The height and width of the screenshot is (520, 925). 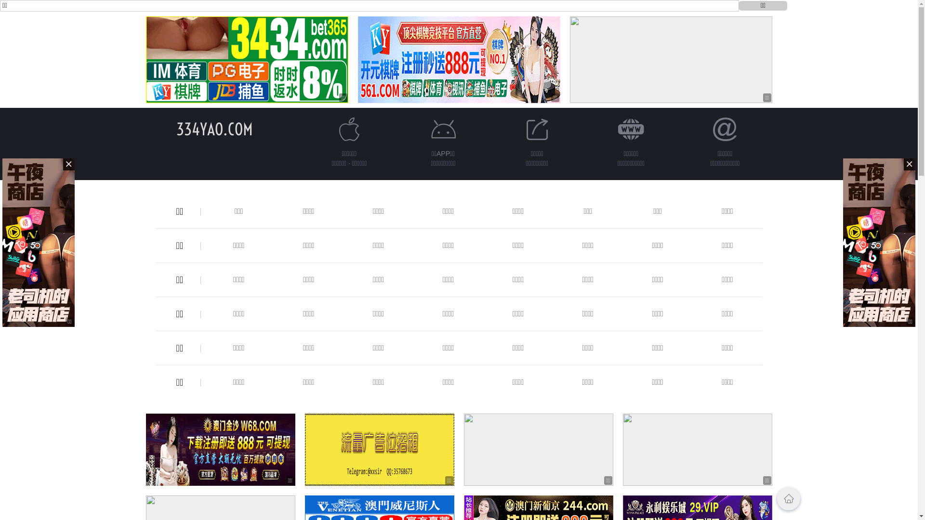 I want to click on '334YAO.COM', so click(x=176, y=129).